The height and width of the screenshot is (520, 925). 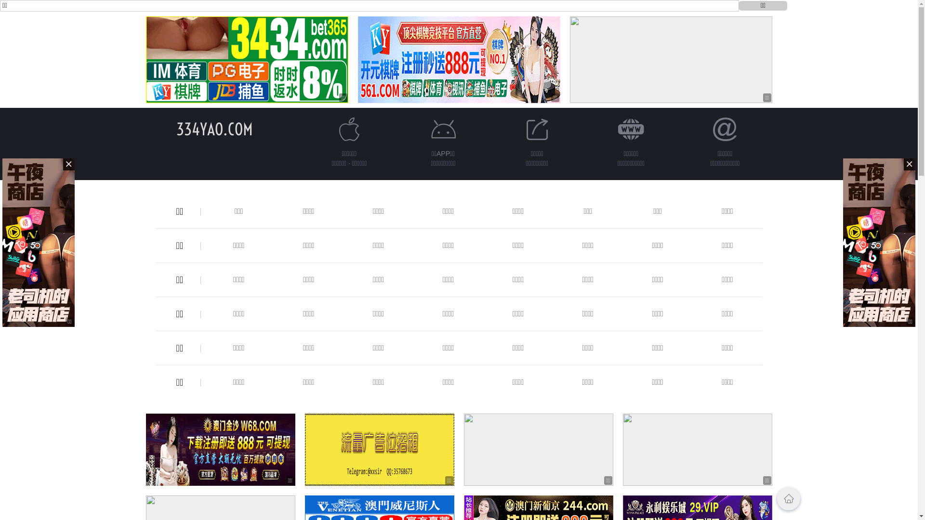 I want to click on '334YAO.COM', so click(x=176, y=129).